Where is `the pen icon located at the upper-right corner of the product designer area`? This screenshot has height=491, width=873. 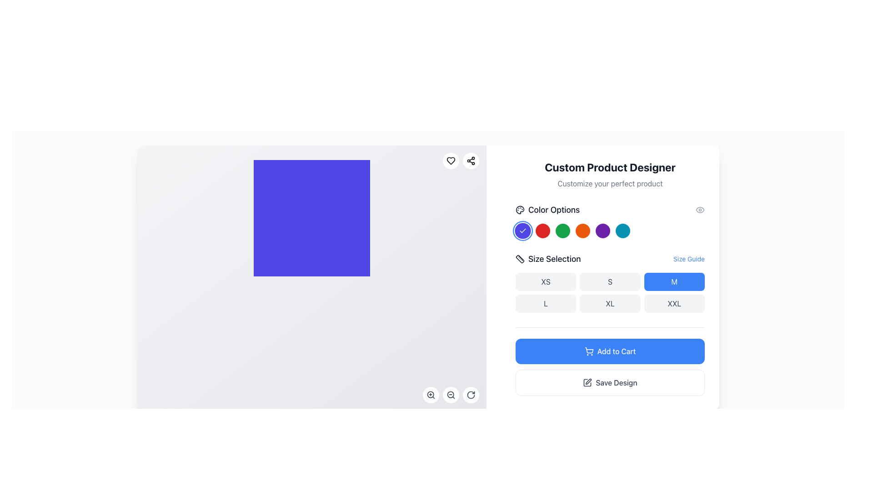
the pen icon located at the upper-right corner of the product designer area is located at coordinates (588, 381).